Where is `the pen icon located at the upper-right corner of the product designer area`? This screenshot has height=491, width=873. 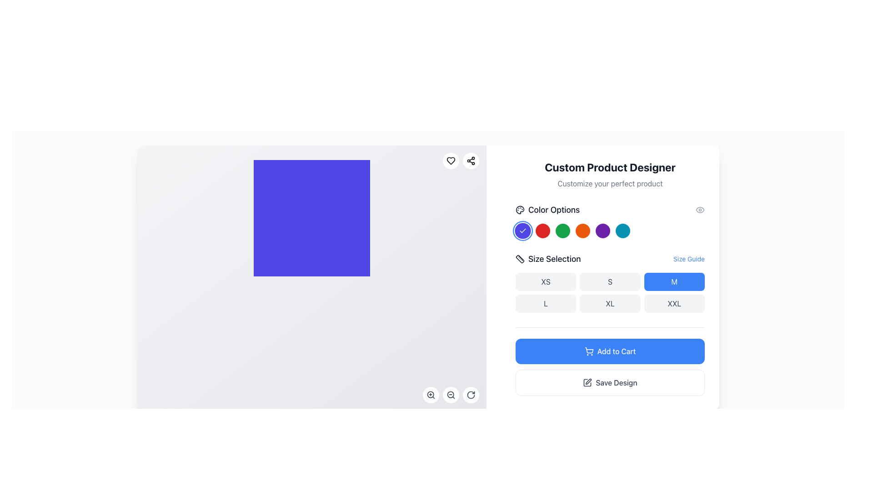
the pen icon located at the upper-right corner of the product designer area is located at coordinates (588, 381).